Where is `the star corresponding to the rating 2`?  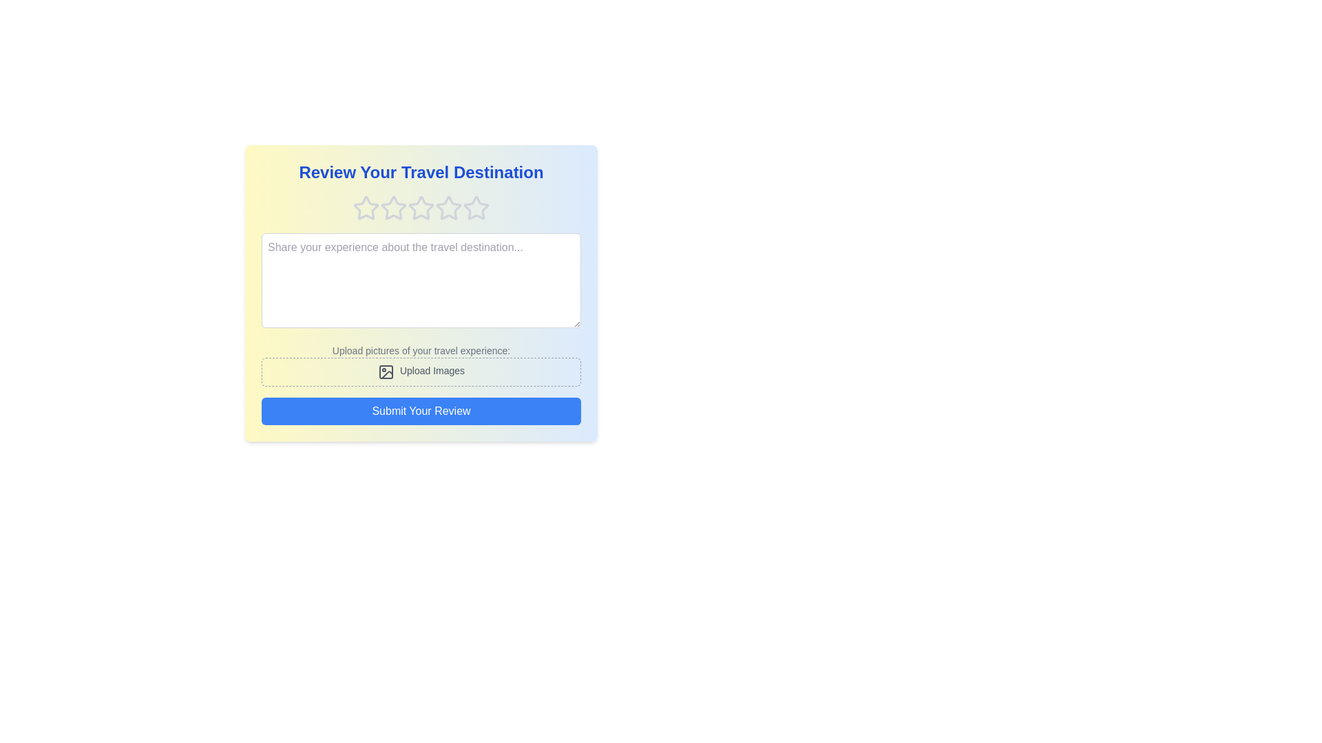 the star corresponding to the rating 2 is located at coordinates (392, 208).